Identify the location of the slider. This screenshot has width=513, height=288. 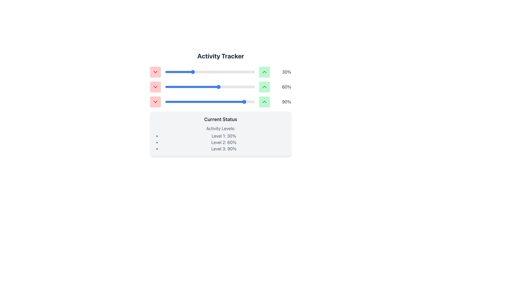
(246, 102).